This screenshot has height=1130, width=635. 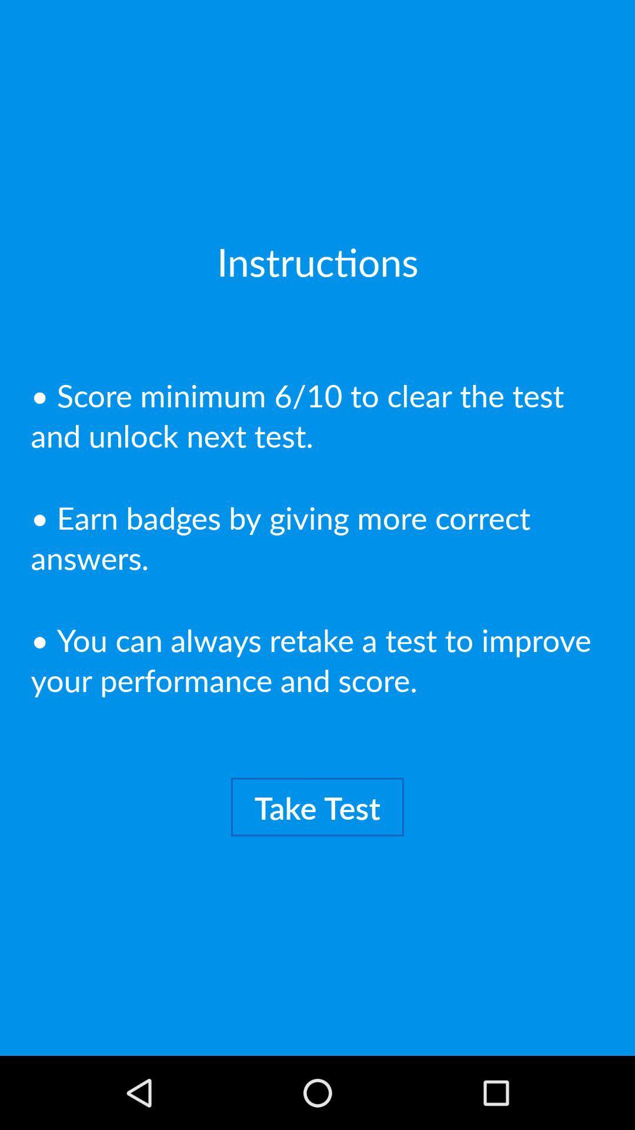 I want to click on the icon at the bottom, so click(x=317, y=806).